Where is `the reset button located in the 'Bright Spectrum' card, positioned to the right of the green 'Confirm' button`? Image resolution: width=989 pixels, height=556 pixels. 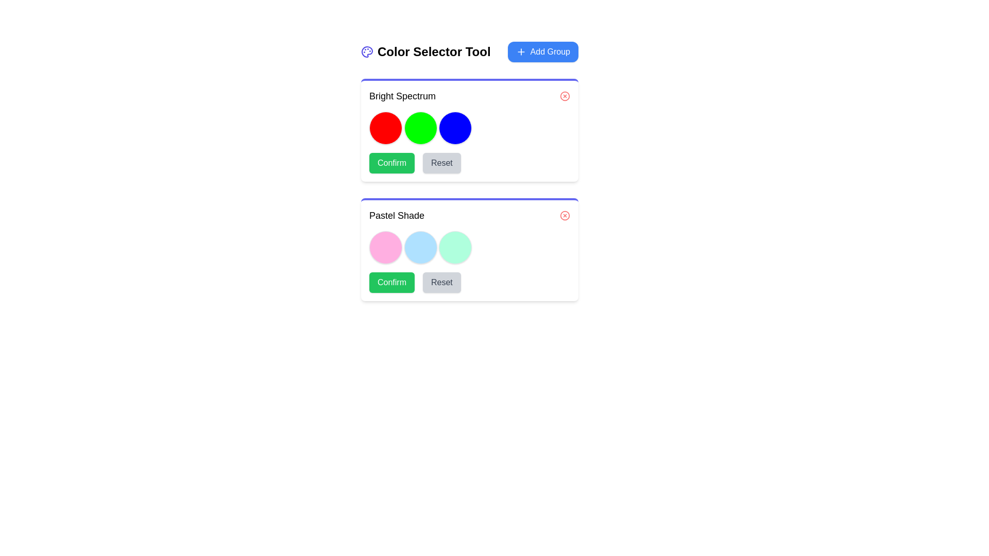
the reset button located in the 'Bright Spectrum' card, positioned to the right of the green 'Confirm' button is located at coordinates (441, 162).